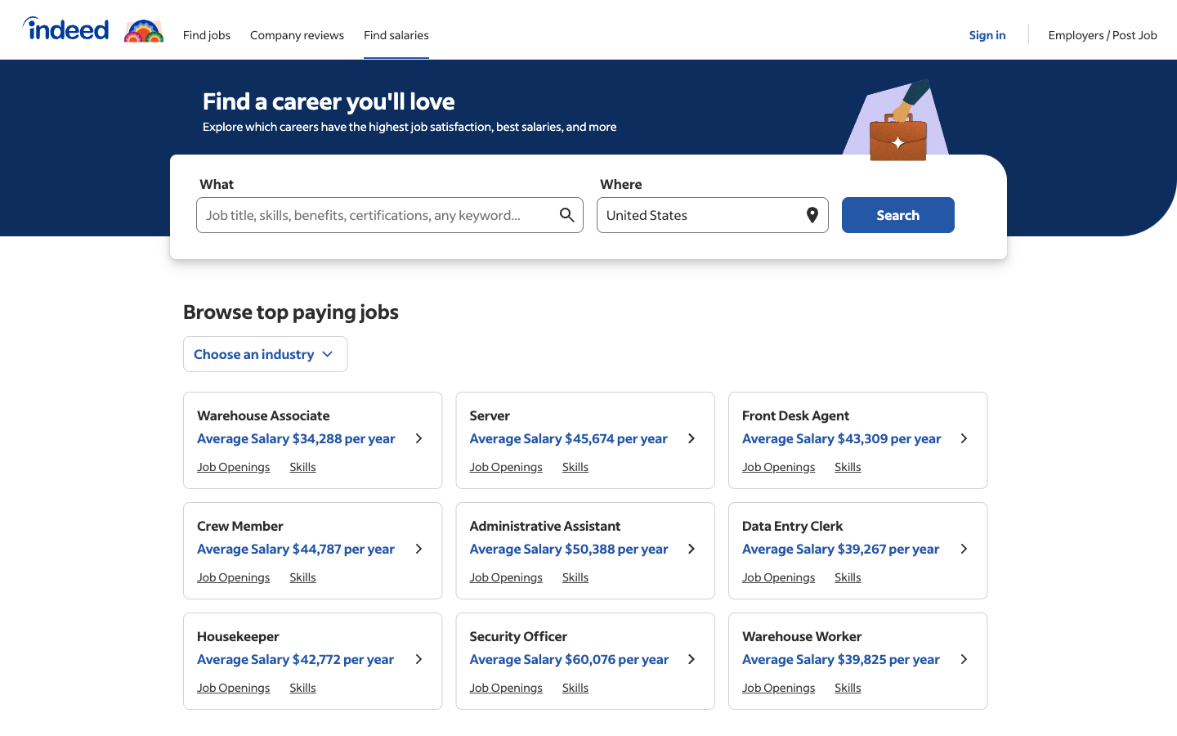  Describe the element at coordinates (848, 687) in the screenshot. I see `Check the skills required for "Administrative Assistant` at that location.